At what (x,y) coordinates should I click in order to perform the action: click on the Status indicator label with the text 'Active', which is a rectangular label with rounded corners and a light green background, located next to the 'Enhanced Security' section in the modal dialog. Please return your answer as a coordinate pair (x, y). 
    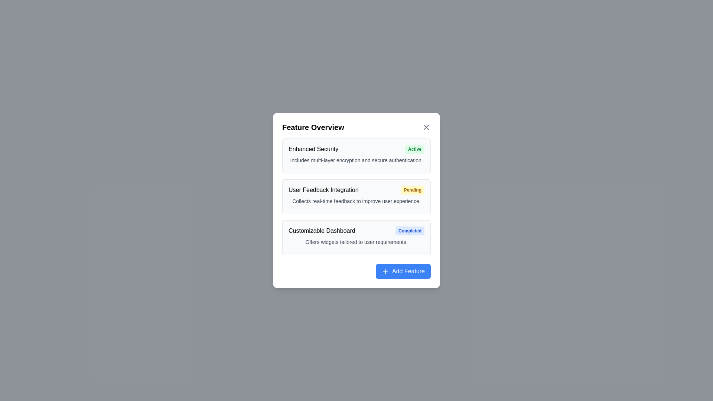
    Looking at the image, I should click on (414, 149).